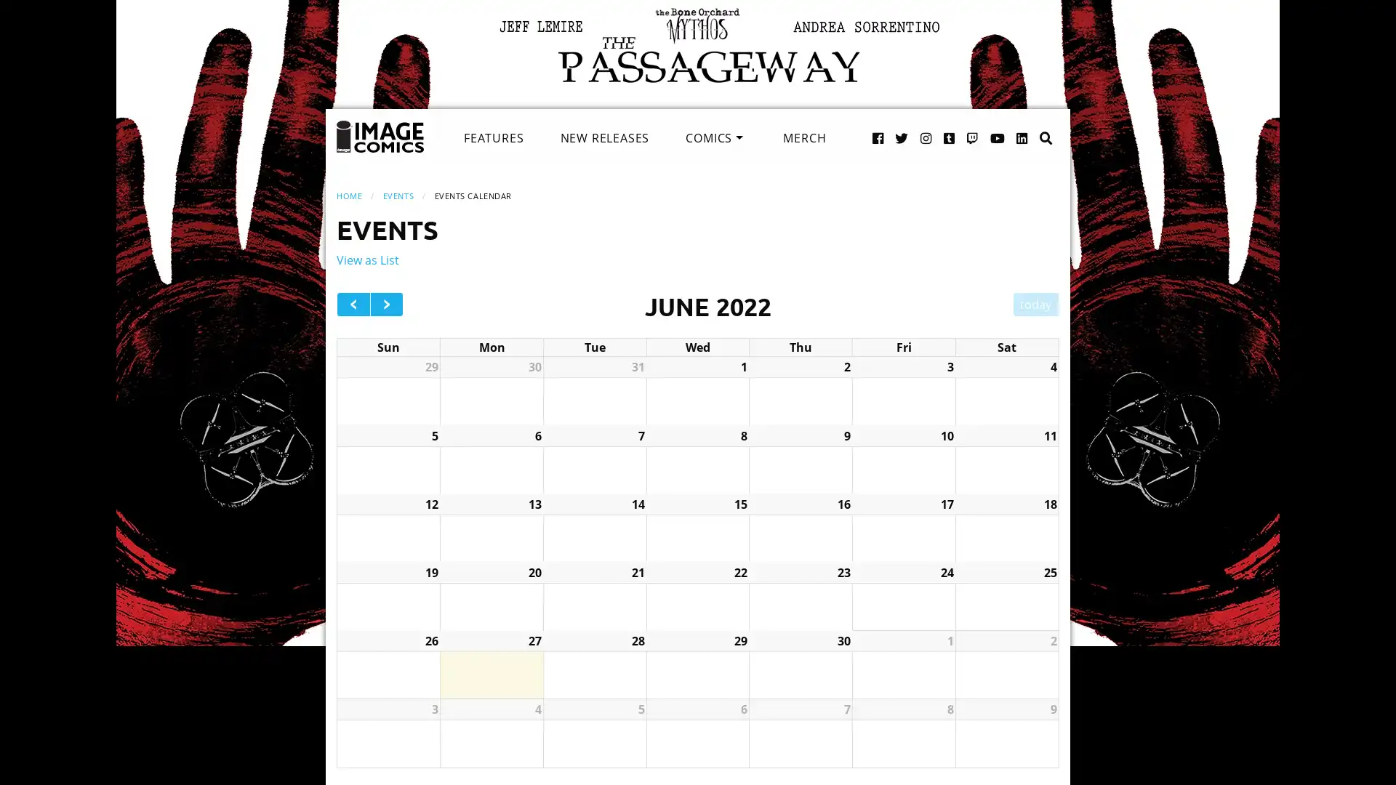 This screenshot has width=1396, height=785. What do you see at coordinates (1035, 303) in the screenshot?
I see `today` at bounding box center [1035, 303].